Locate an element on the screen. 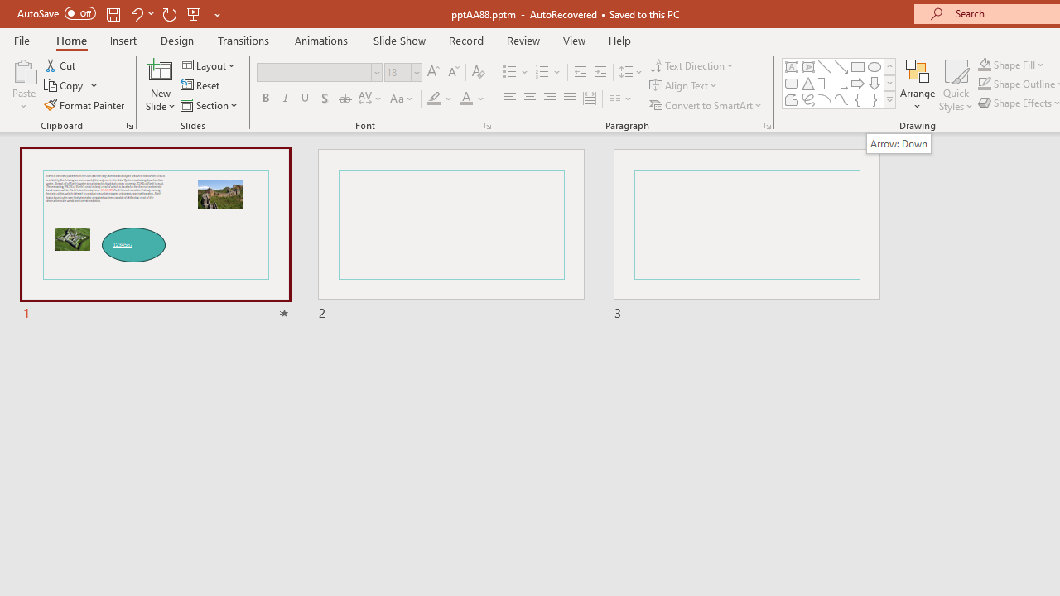 Image resolution: width=1060 pixels, height=596 pixels. 'Arrange' is located at coordinates (917, 85).